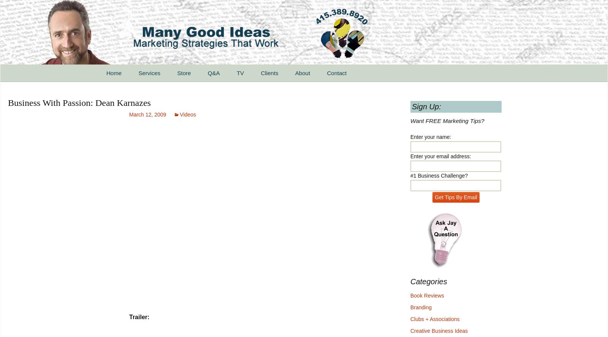  I want to click on 'Trailer:', so click(139, 317).